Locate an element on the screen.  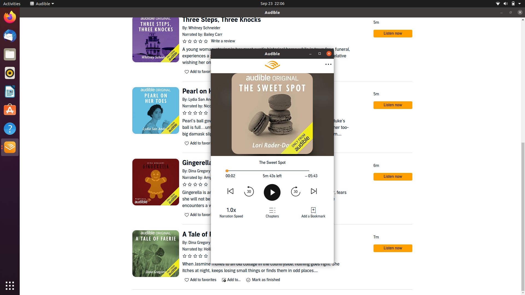
Move up to the prior choice in the more options dropdown menu is located at coordinates (328, 64).